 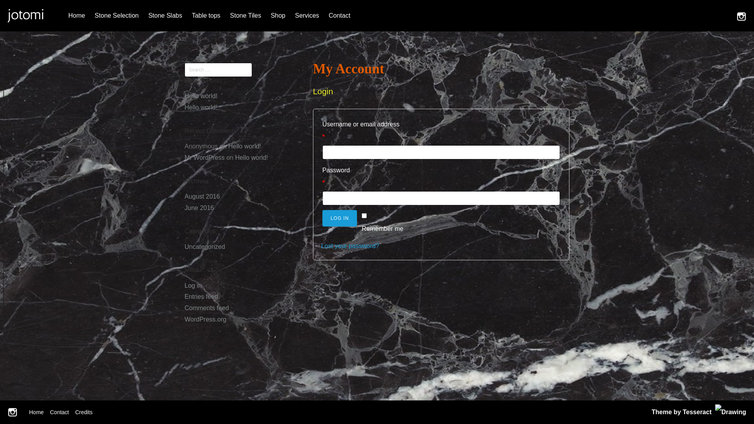 I want to click on 'WordPress.org', so click(x=205, y=319).